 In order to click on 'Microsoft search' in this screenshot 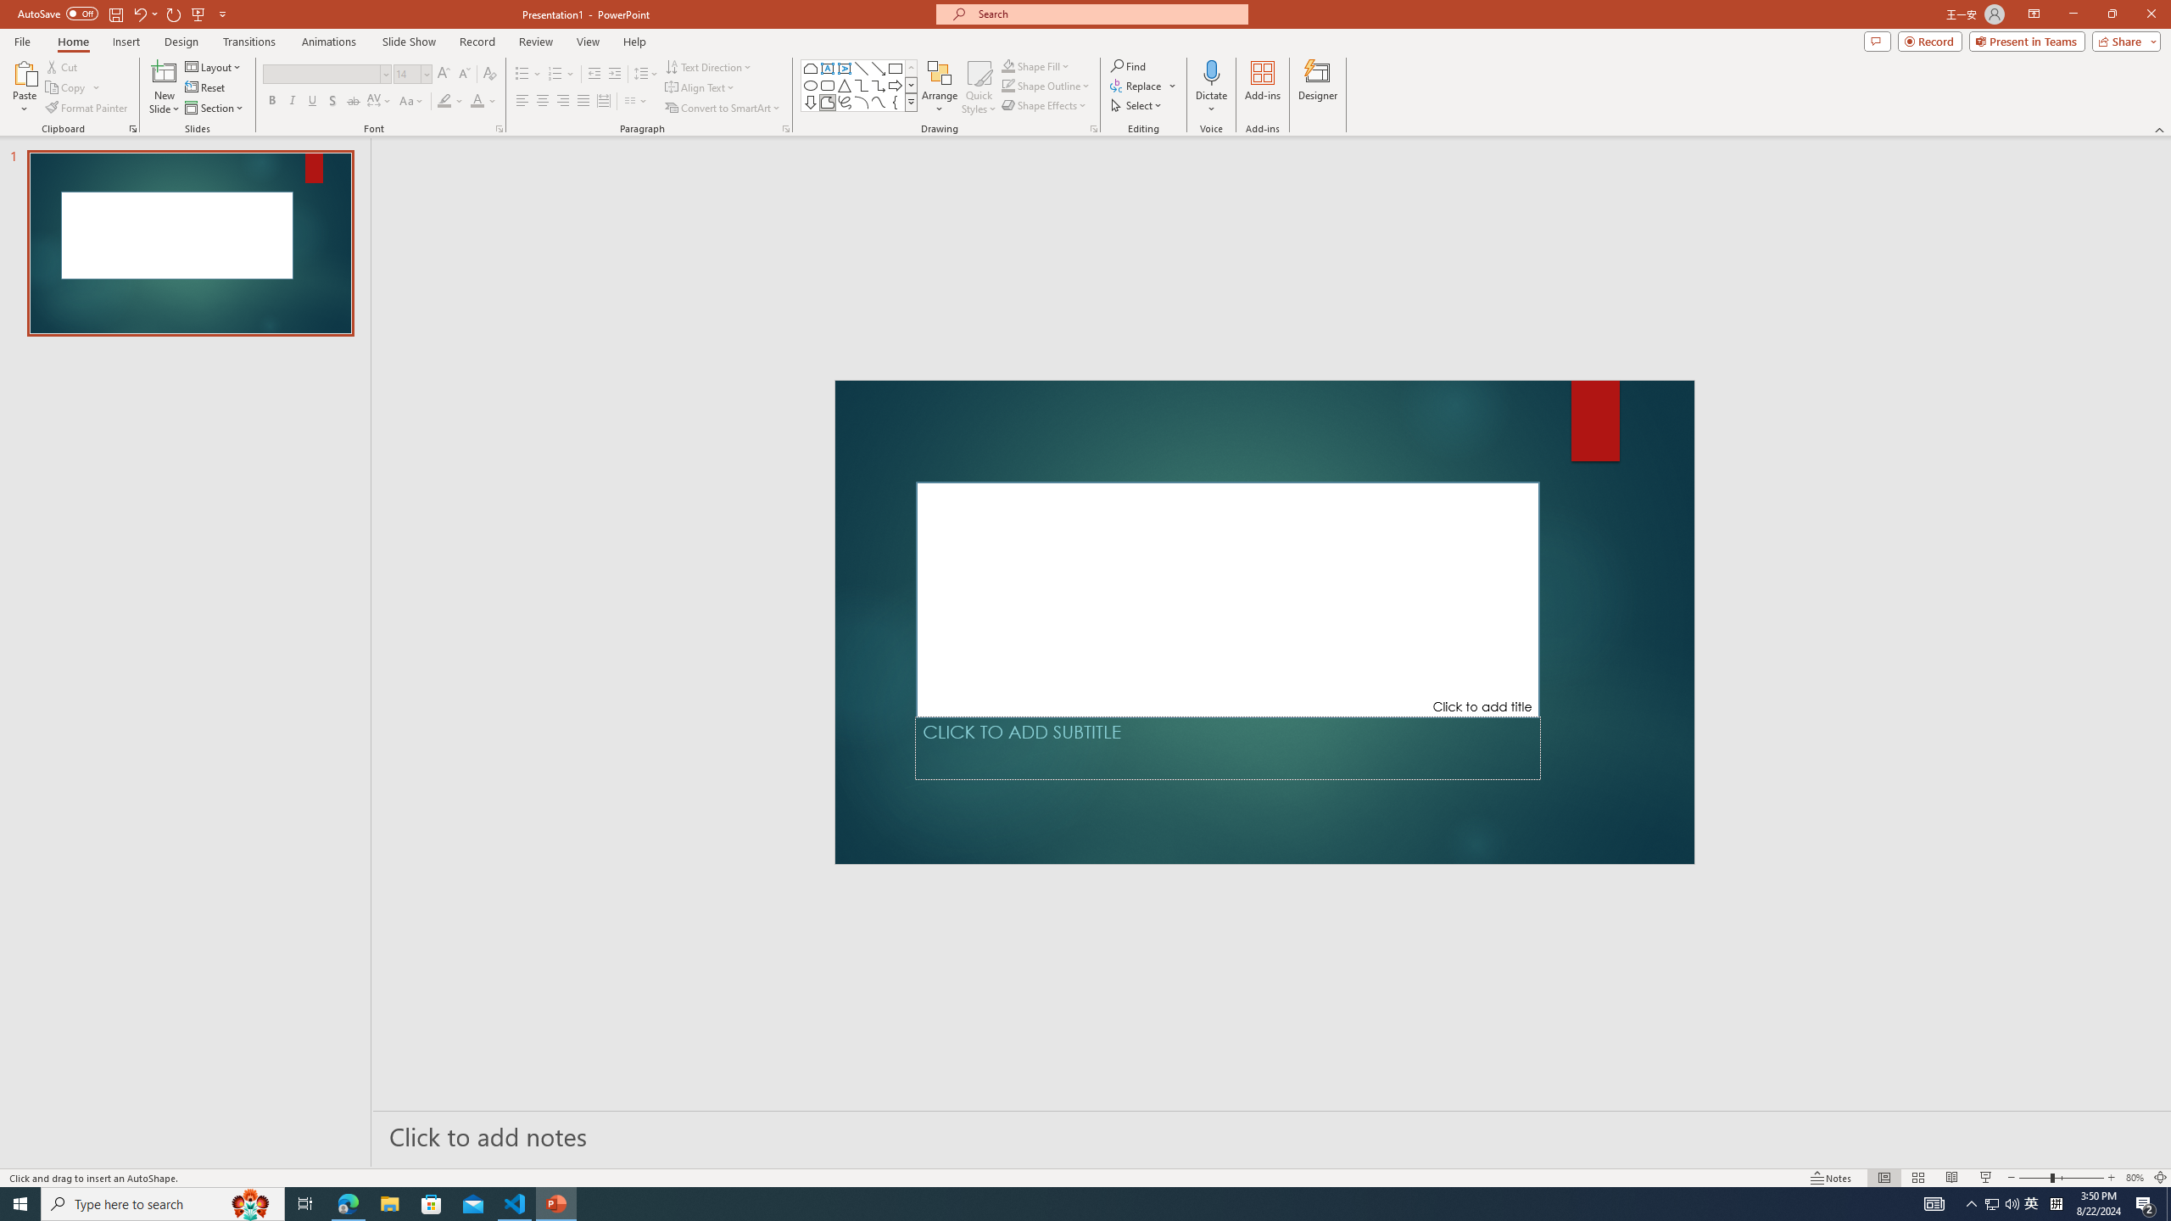, I will do `click(1106, 14)`.